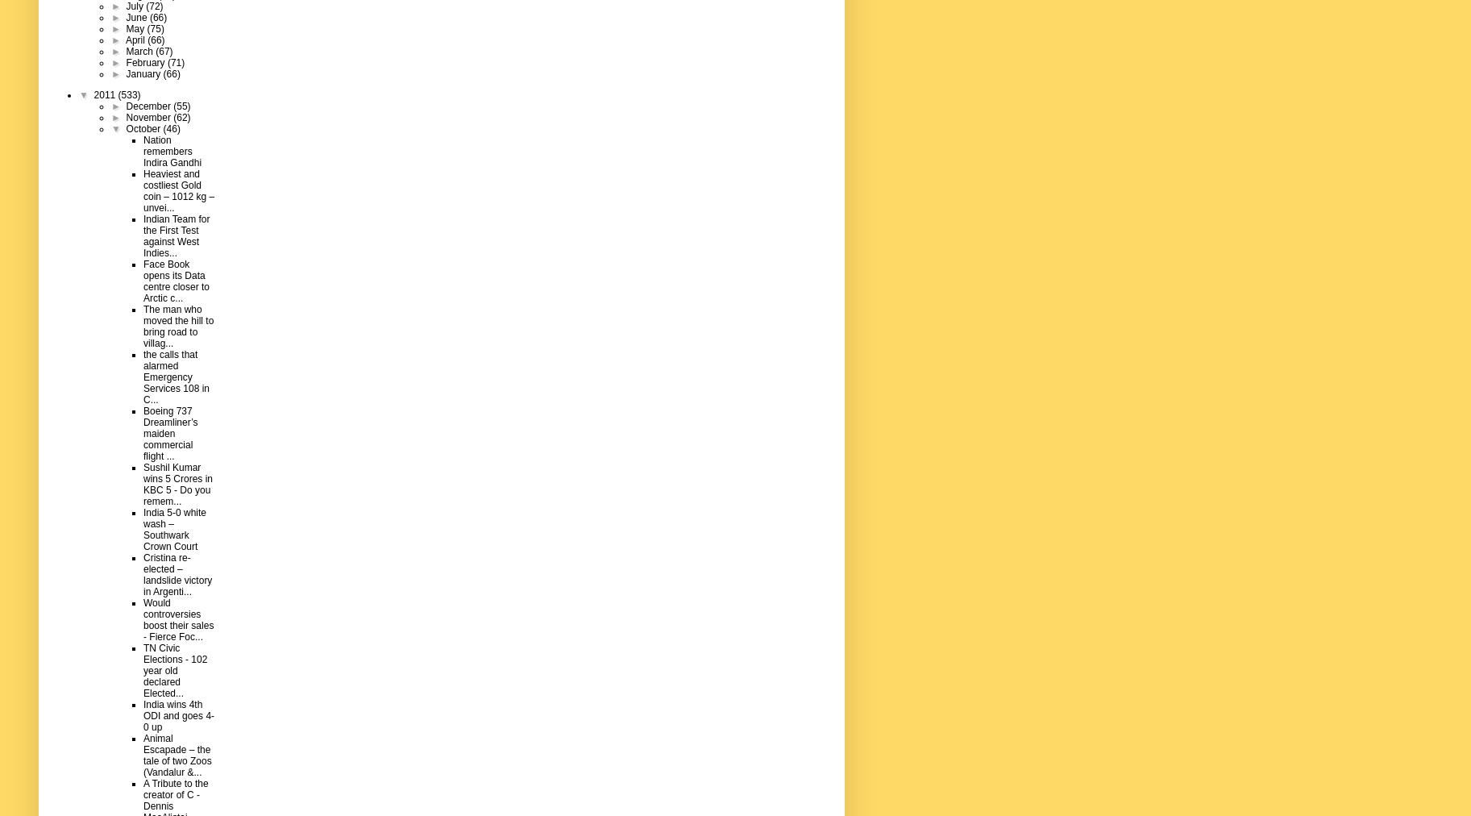  Describe the element at coordinates (155, 27) in the screenshot. I see `'(75)'` at that location.